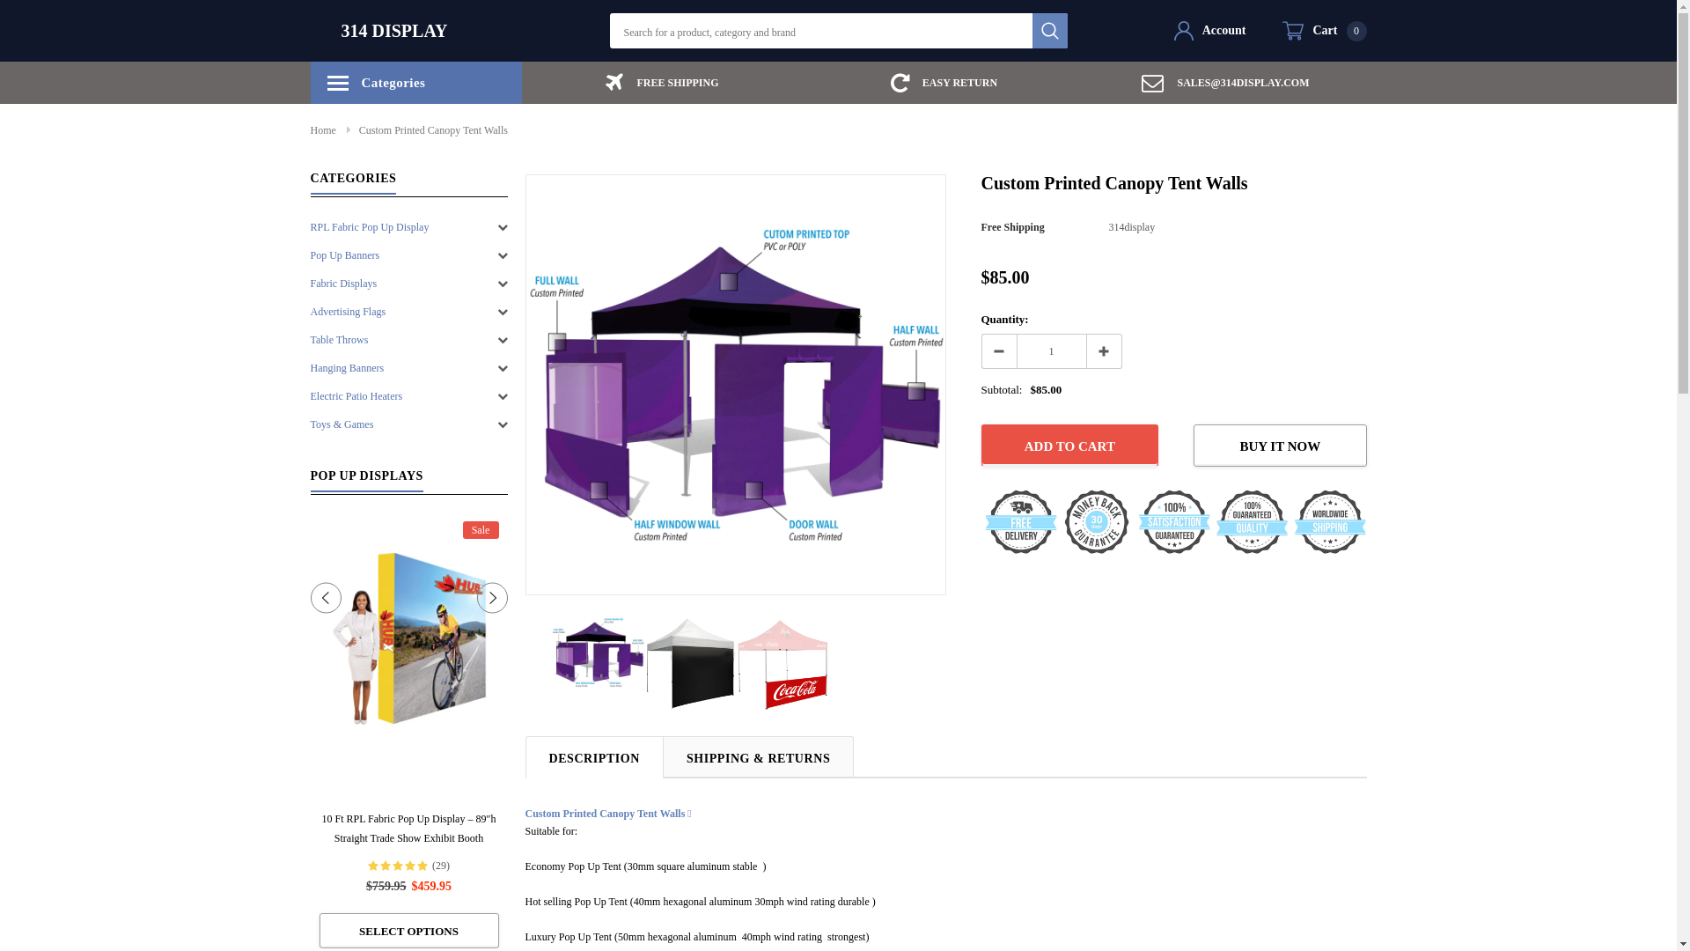 Image resolution: width=1690 pixels, height=951 pixels. Describe the element at coordinates (1324, 30) in the screenshot. I see `'Cart` at that location.